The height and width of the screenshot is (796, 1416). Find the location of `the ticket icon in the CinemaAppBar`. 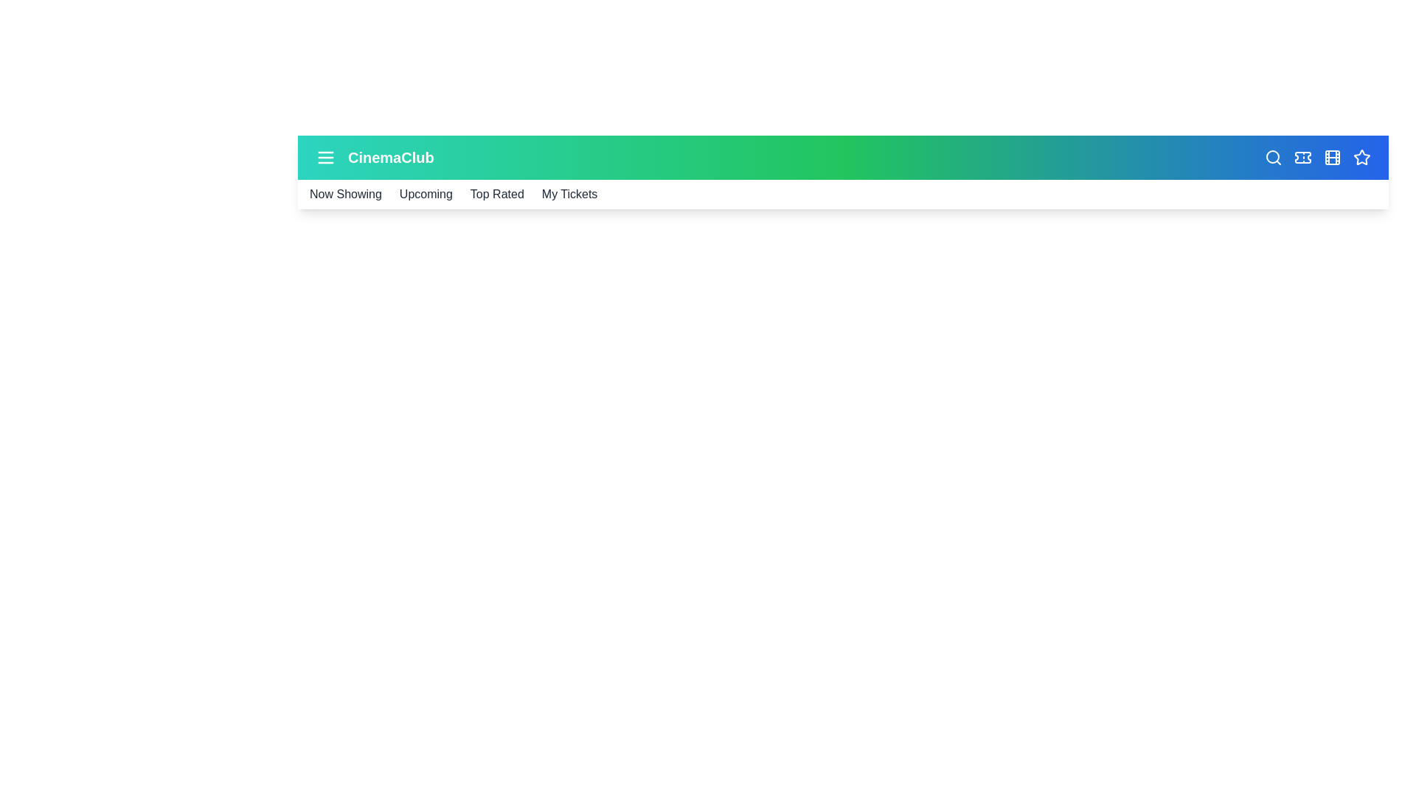

the ticket icon in the CinemaAppBar is located at coordinates (1302, 157).